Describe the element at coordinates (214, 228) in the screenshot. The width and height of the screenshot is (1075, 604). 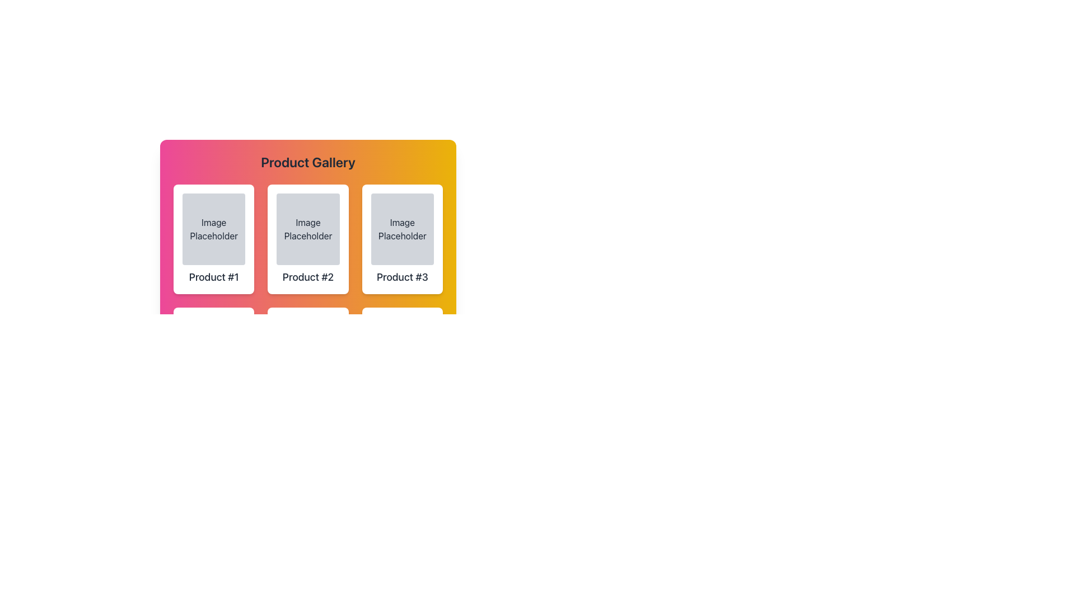
I see `the 'Image Placeholder' component, which is a rectangular placeholder with a light gray background and bold black text, located above 'Product #1.'` at that location.